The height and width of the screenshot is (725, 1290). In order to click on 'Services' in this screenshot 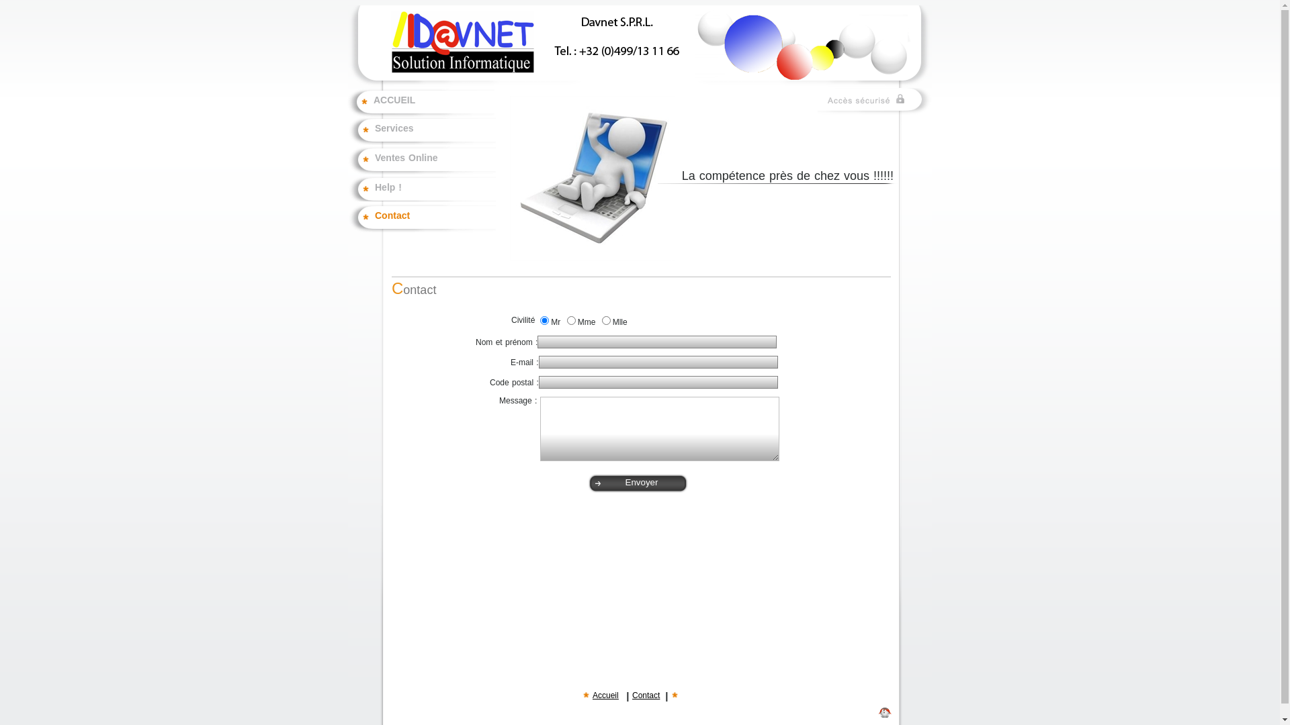, I will do `click(435, 134)`.